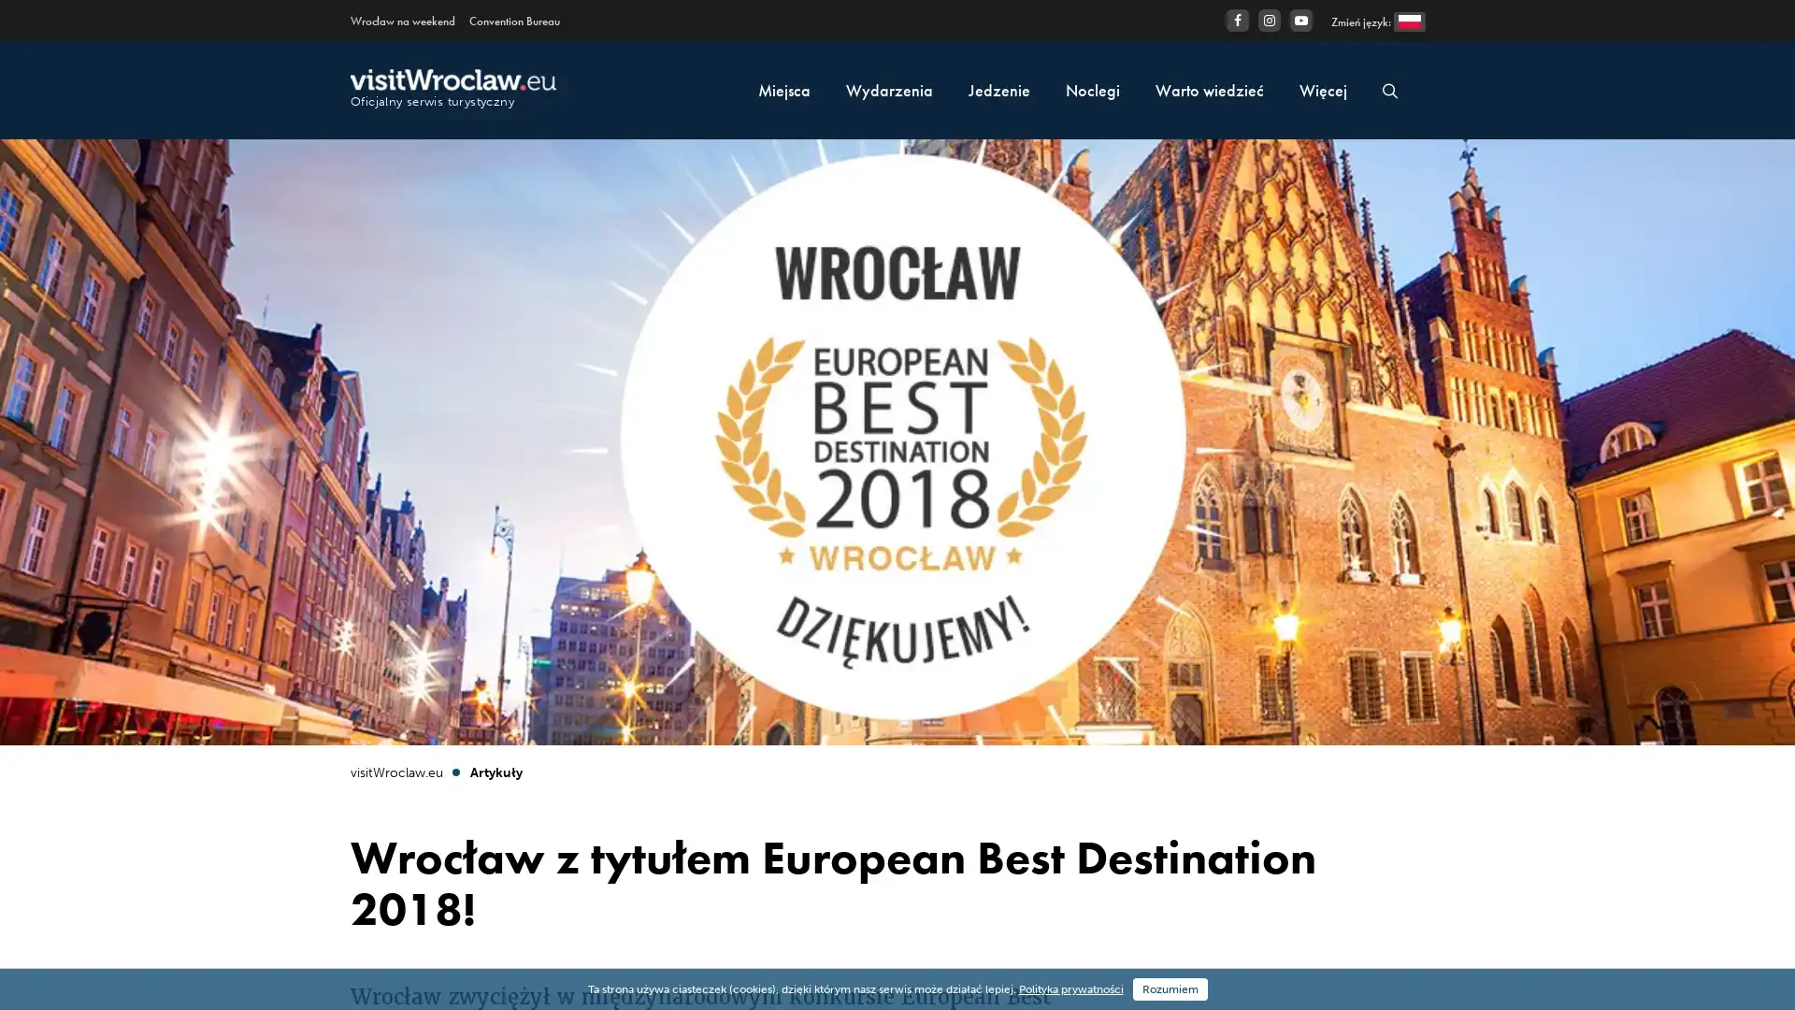  What do you see at coordinates (998, 90) in the screenshot?
I see `Jedzenie` at bounding box center [998, 90].